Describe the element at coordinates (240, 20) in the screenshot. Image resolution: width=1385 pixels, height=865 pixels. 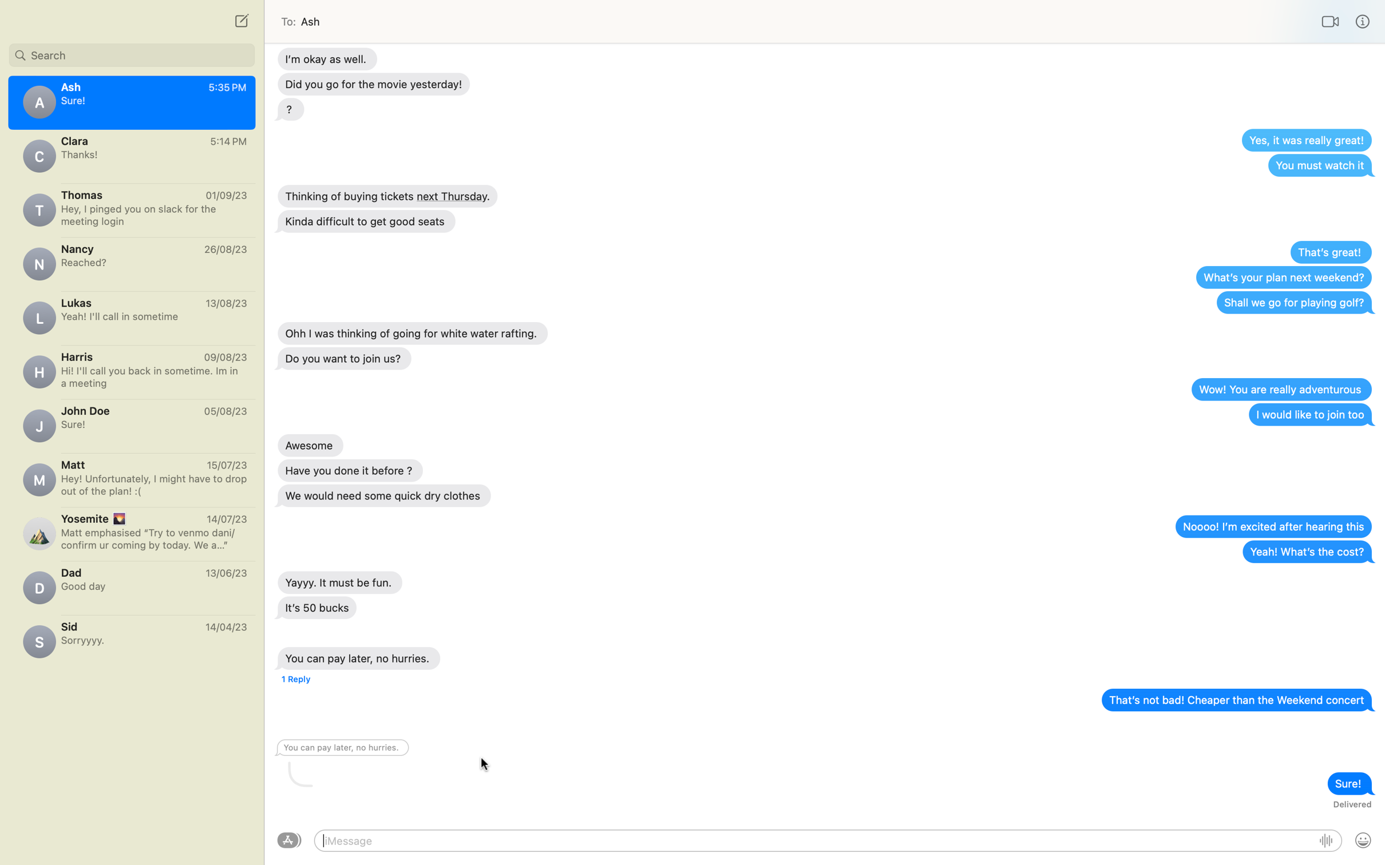
I see `Begin fresh chat with user named Chris` at that location.